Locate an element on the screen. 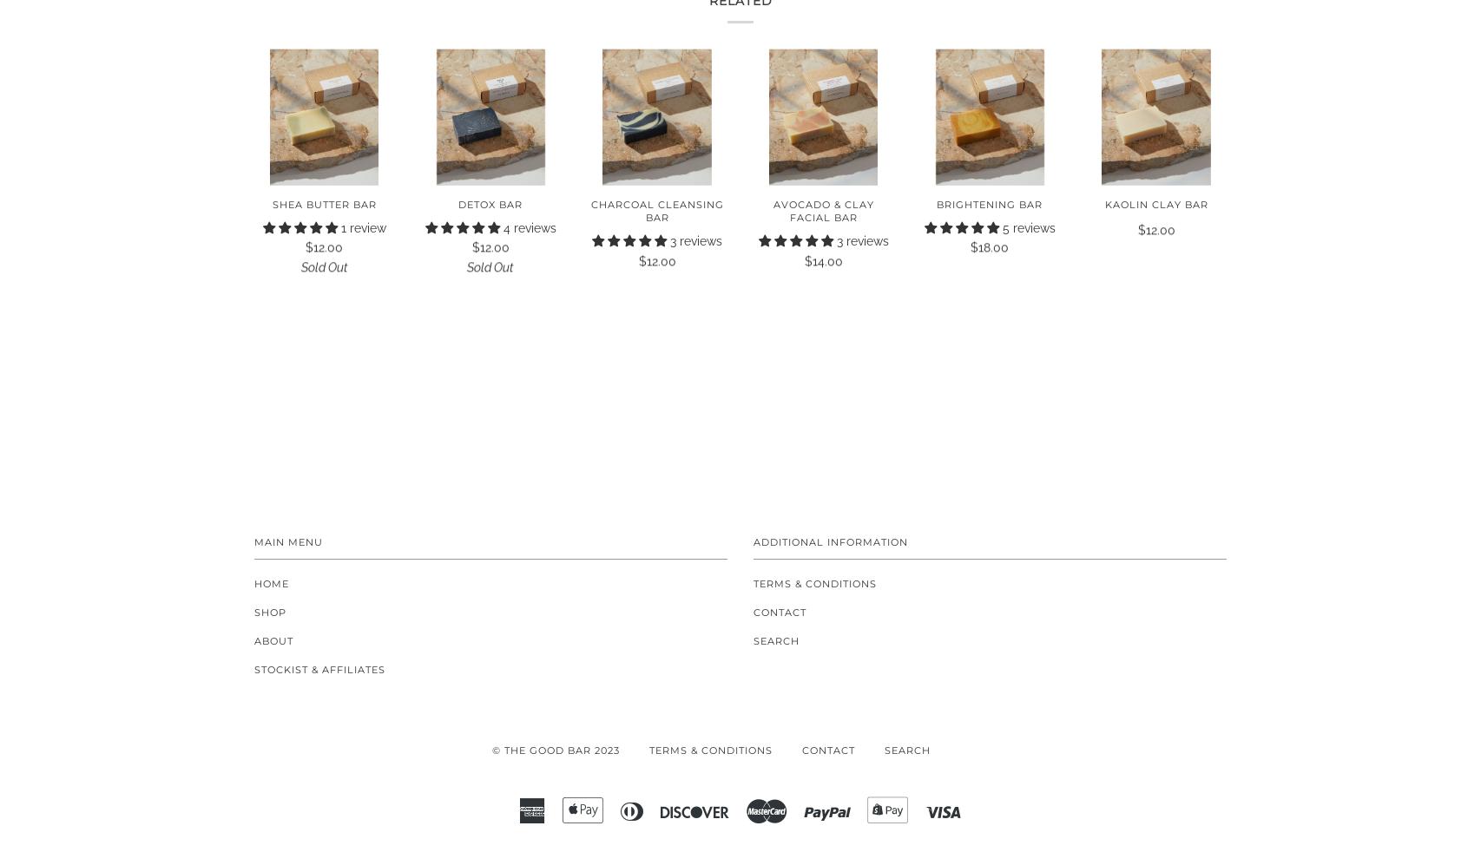 The height and width of the screenshot is (852, 1481). 'Stockist & Affiliates' is located at coordinates (319, 668).